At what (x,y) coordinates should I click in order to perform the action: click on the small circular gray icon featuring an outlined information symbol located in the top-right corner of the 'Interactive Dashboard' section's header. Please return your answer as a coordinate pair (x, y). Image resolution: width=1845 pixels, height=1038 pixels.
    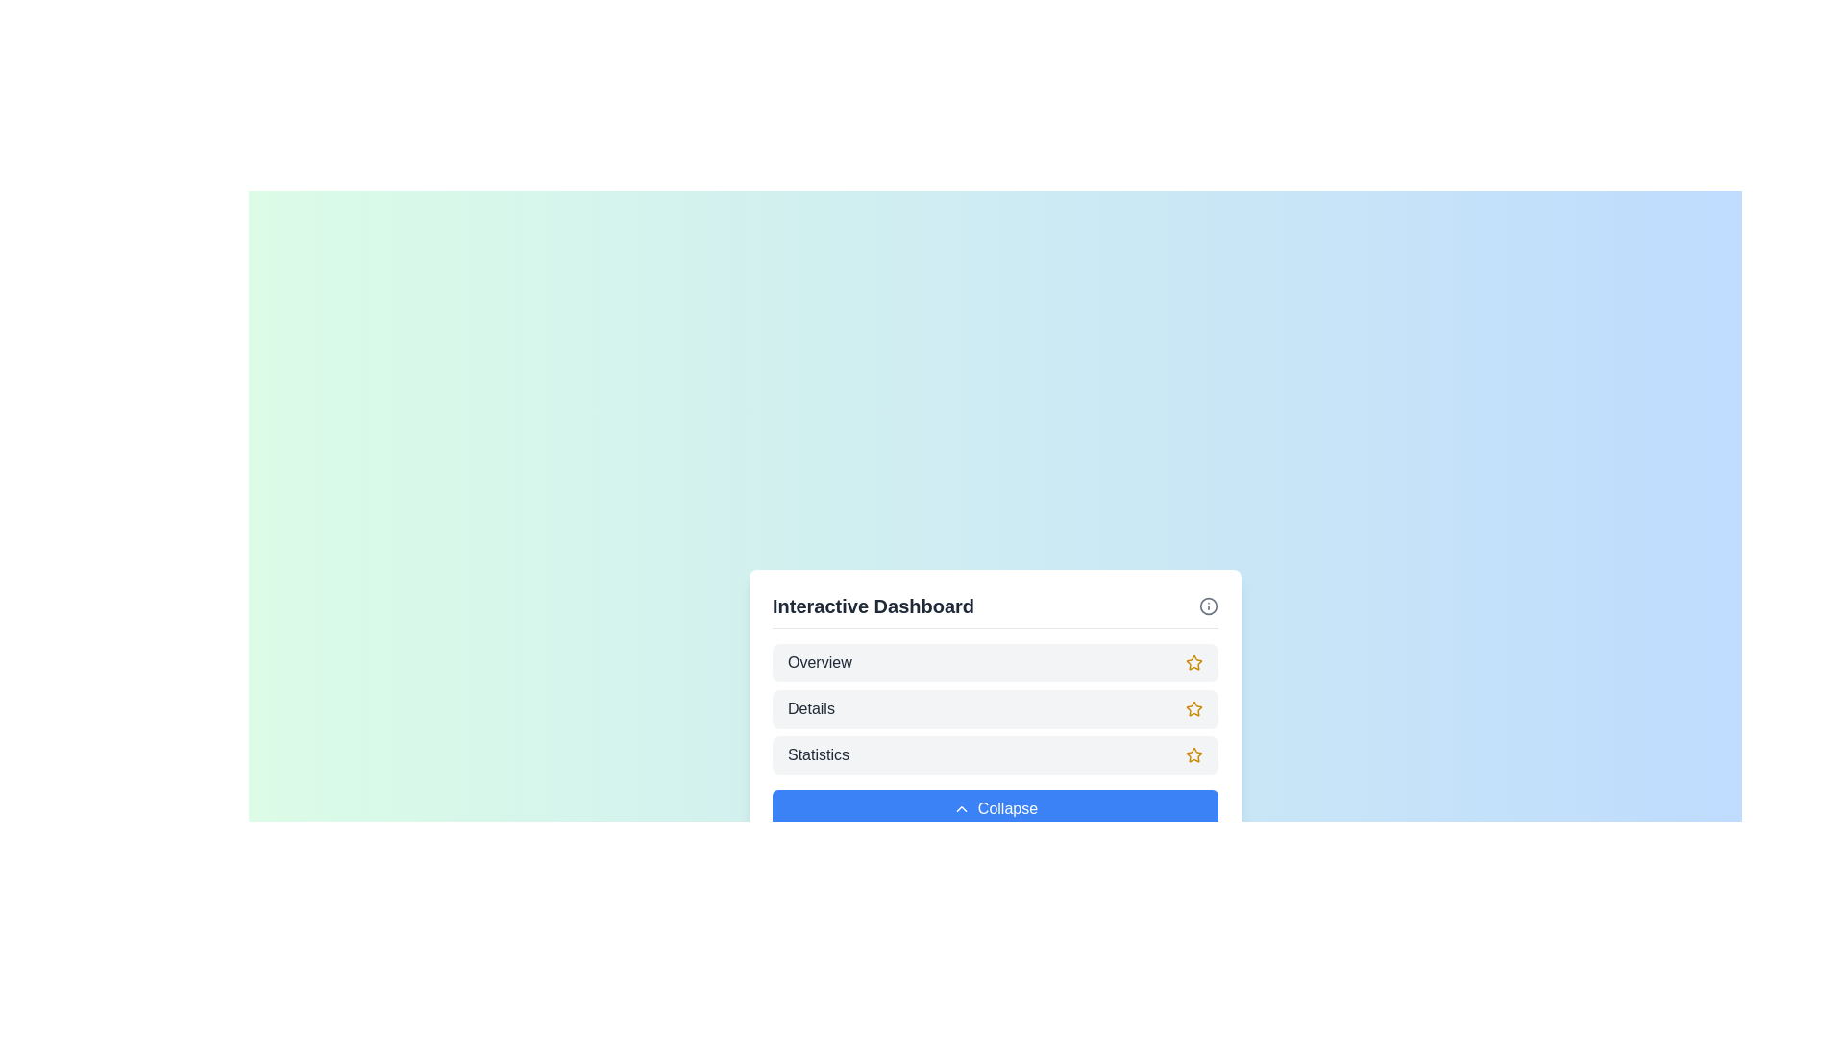
    Looking at the image, I should click on (1207, 605).